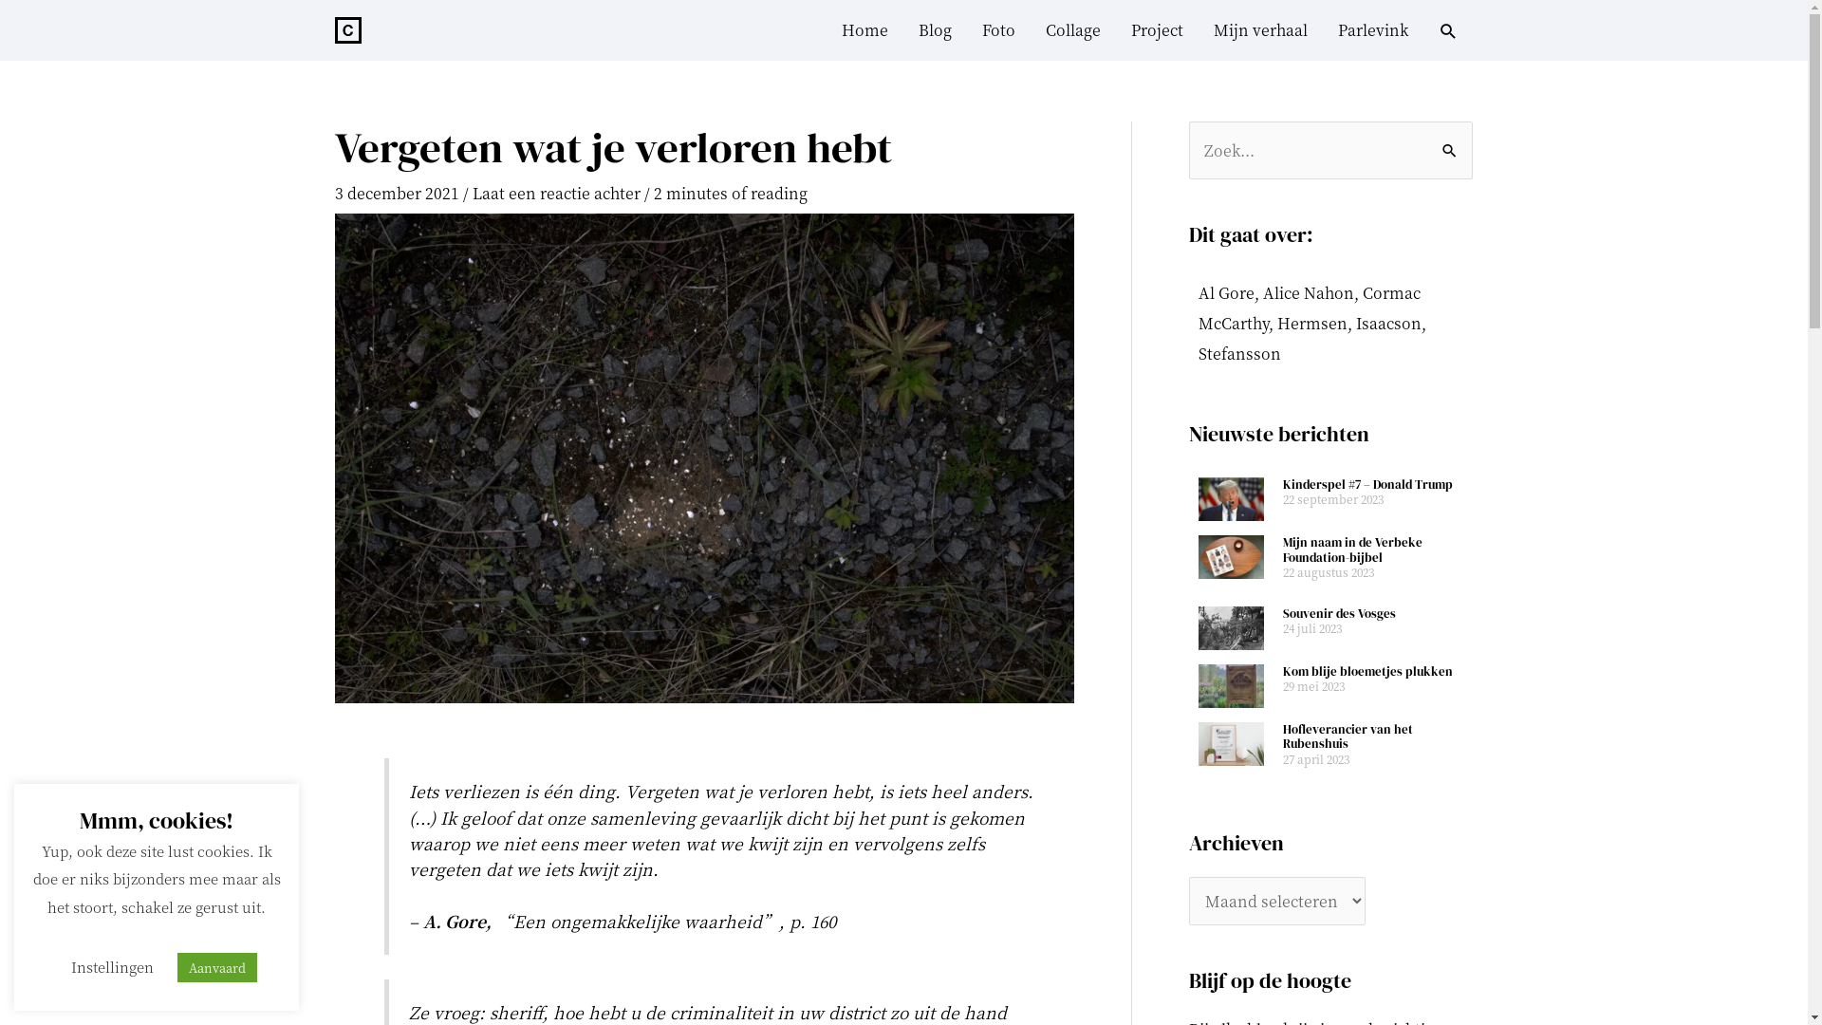 The width and height of the screenshot is (1822, 1025). What do you see at coordinates (1311, 322) in the screenshot?
I see `'Hermsen'` at bounding box center [1311, 322].